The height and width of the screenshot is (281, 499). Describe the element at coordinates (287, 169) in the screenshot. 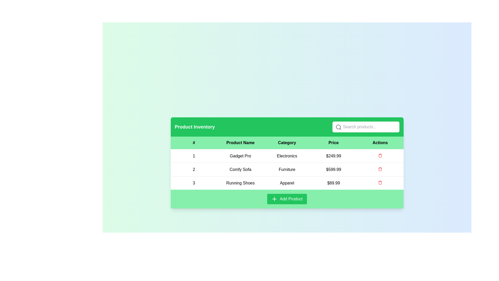

I see `the static text label displaying 'Furniture' category for the 'Comfy Sofa' product in the 'Product Inventory' table` at that location.